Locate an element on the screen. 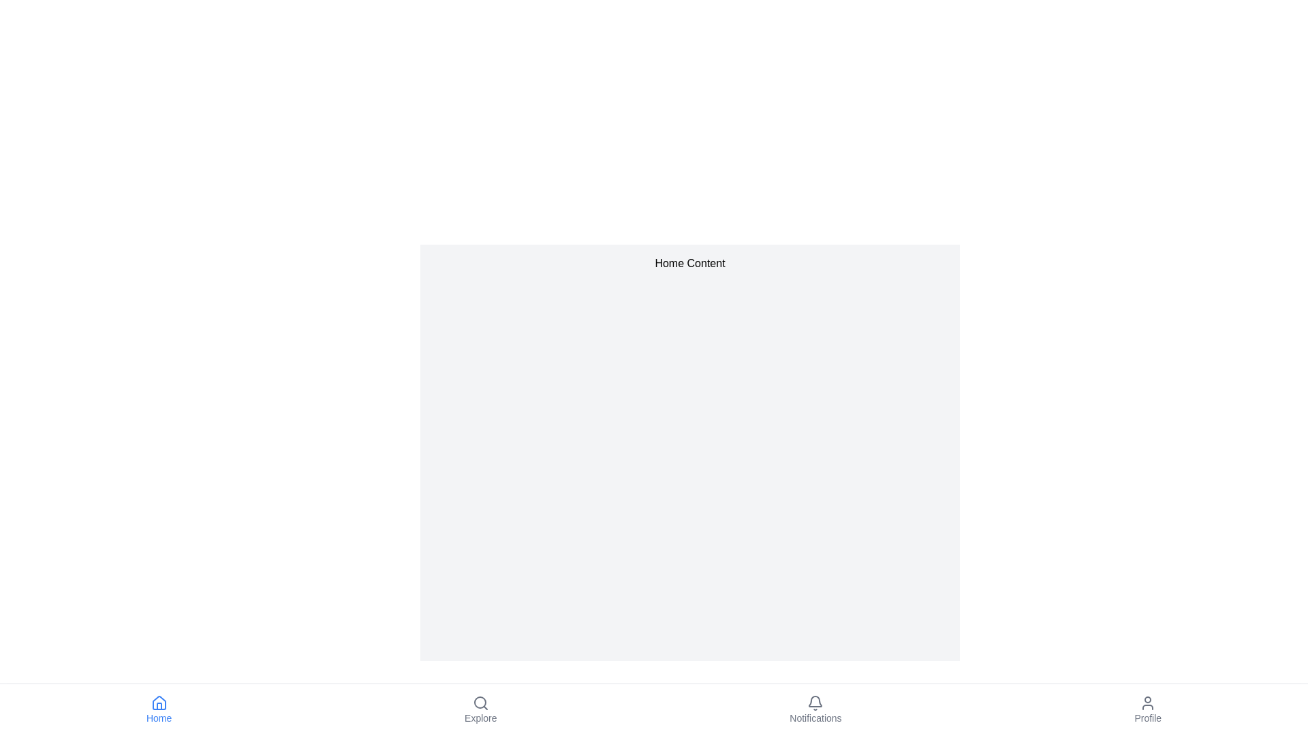 The height and width of the screenshot is (736, 1308). the 'Explore' button, which is the second navigation item from the left in the bottom navigation bar is located at coordinates (480, 709).